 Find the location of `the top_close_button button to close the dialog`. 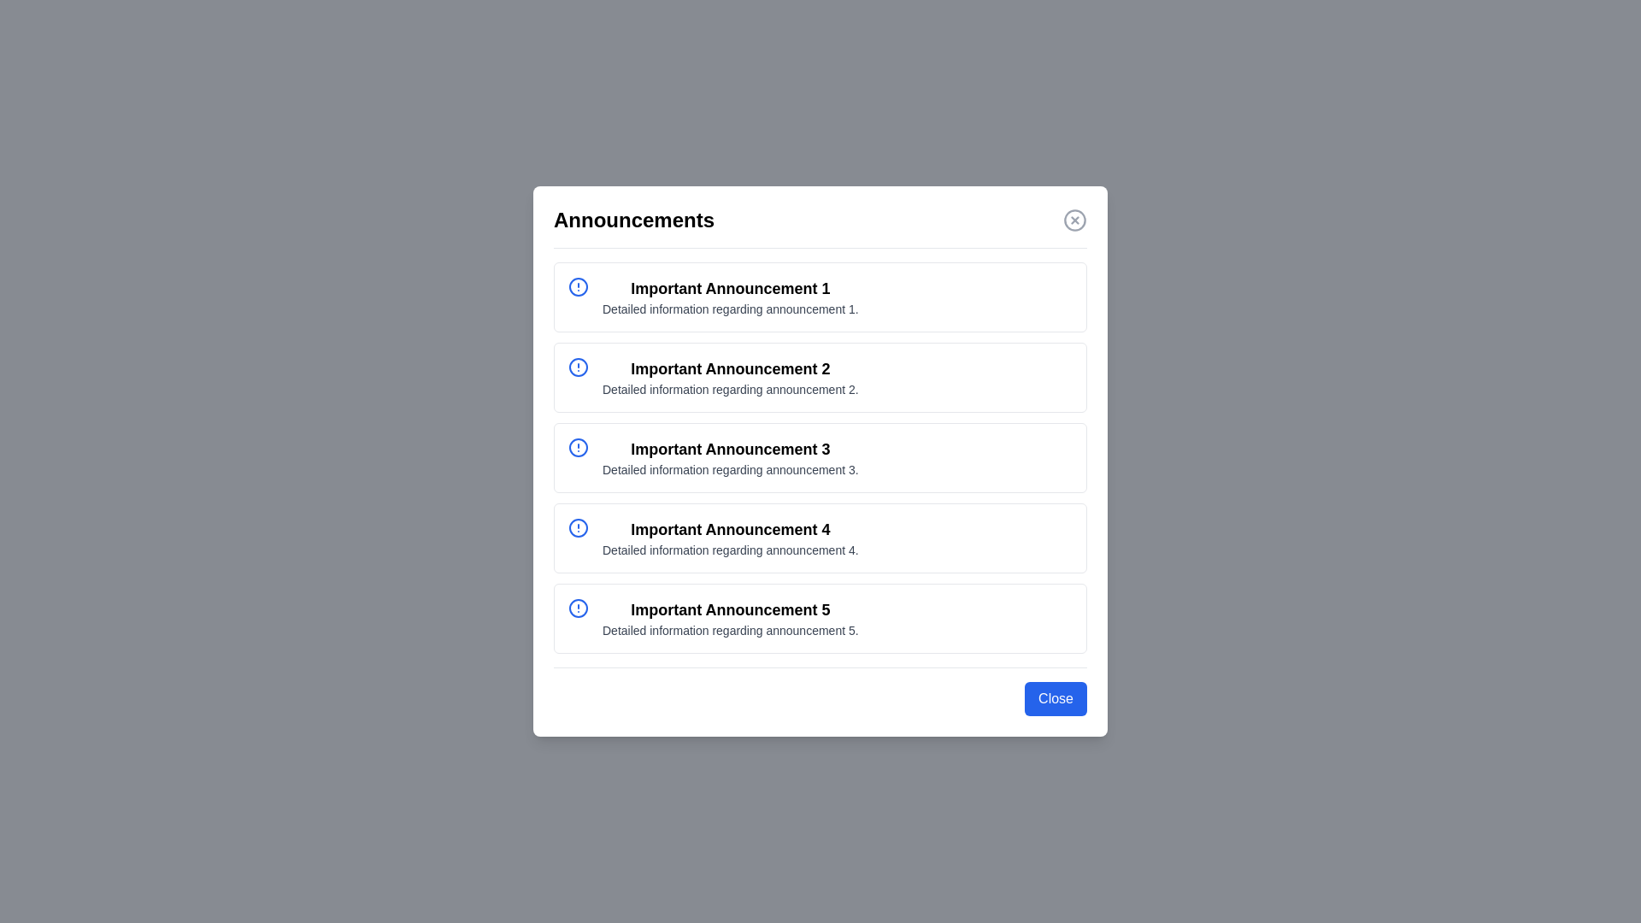

the top_close_button button to close the dialog is located at coordinates (1073, 220).